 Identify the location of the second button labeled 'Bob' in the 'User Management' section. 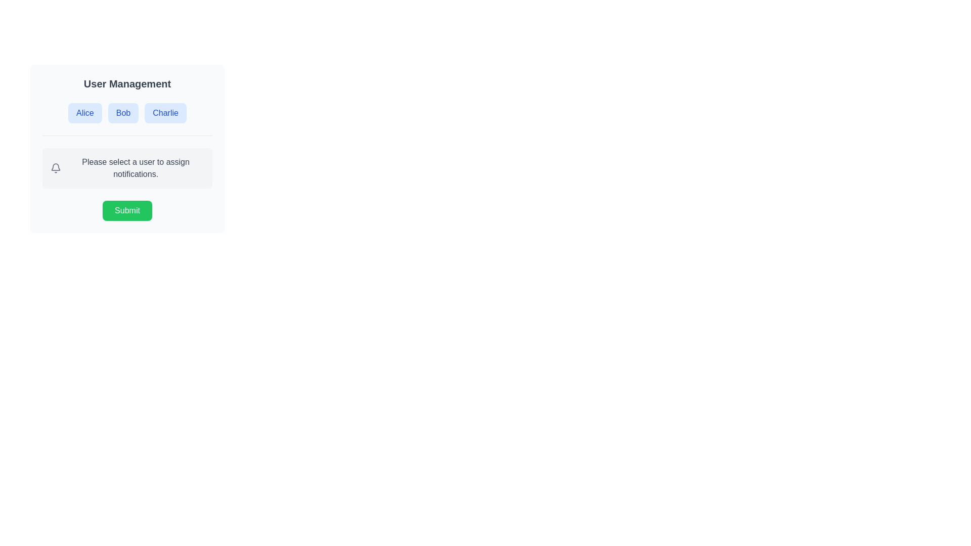
(123, 113).